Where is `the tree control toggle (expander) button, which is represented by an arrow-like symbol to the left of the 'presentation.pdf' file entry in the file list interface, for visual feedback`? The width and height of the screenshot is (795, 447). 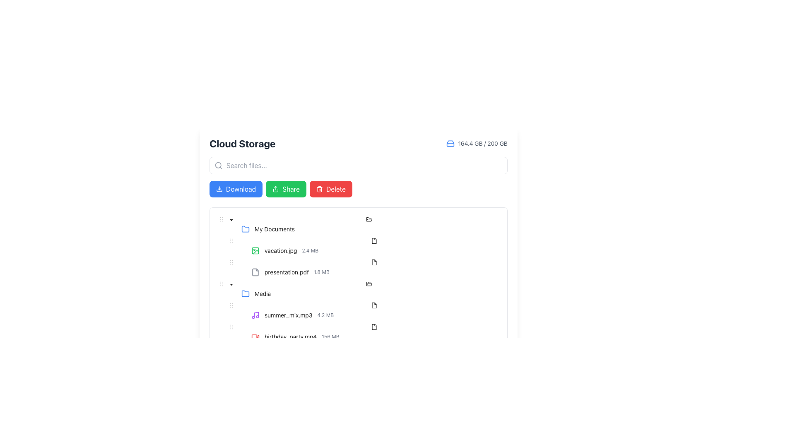 the tree control toggle (expander) button, which is represented by an arrow-like symbol to the left of the 'presentation.pdf' file entry in the file list interface, for visual feedback is located at coordinates (241, 267).